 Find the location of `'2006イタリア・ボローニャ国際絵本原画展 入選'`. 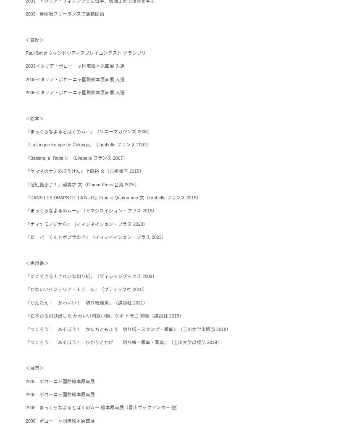

'2006イタリア・ボローニャ国際絵本原画展 入選' is located at coordinates (74, 92).